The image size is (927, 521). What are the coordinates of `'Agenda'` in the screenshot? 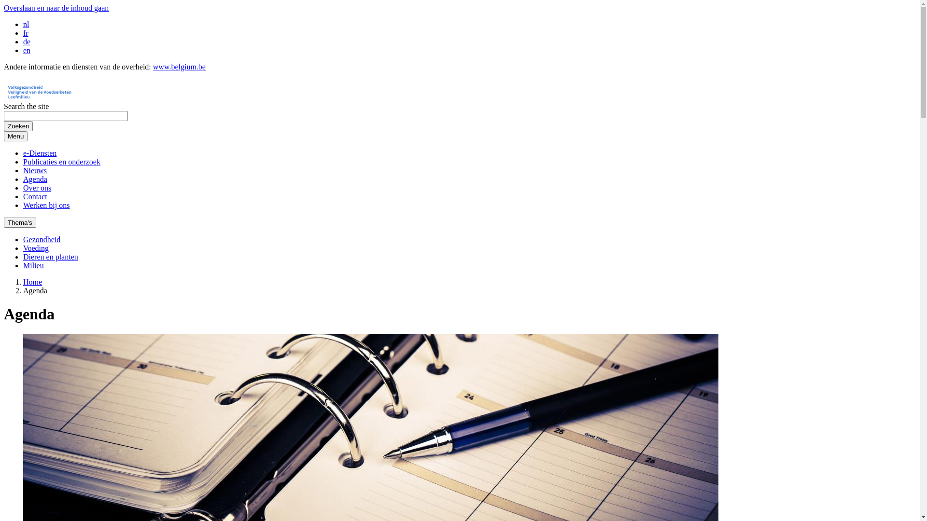 It's located at (35, 179).